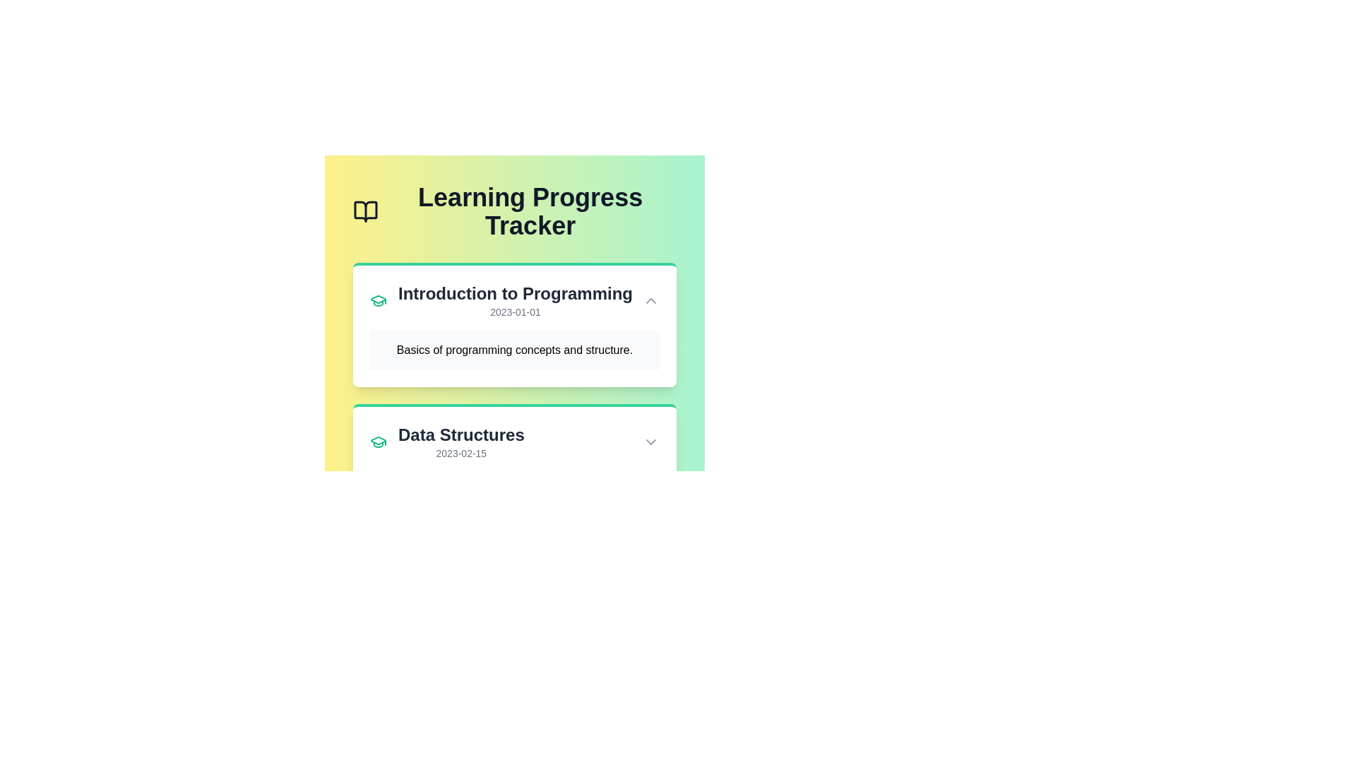 This screenshot has height=763, width=1356. What do you see at coordinates (379, 300) in the screenshot?
I see `the green graduation cap icon located in the top-left corner of the 'Introduction to Programming' card` at bounding box center [379, 300].